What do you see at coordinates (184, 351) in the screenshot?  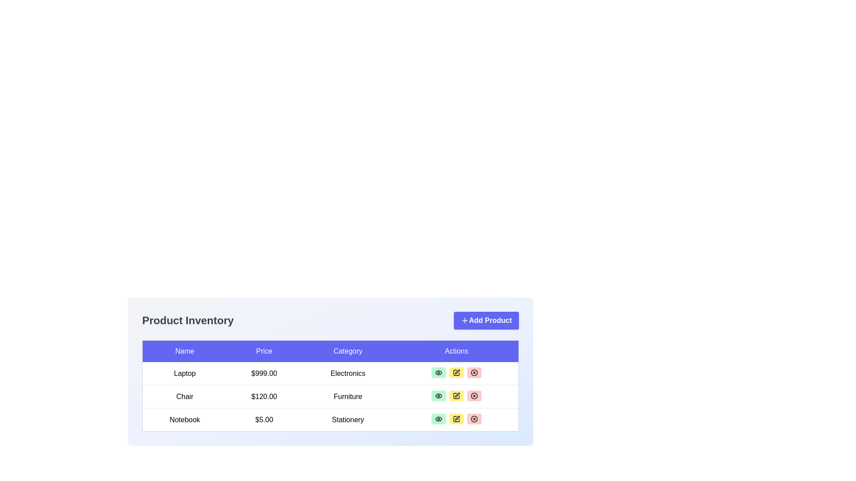 I see `text from the 'Name' header label, which is the first label in a row of four labels with a bold white font on a purple background` at bounding box center [184, 351].